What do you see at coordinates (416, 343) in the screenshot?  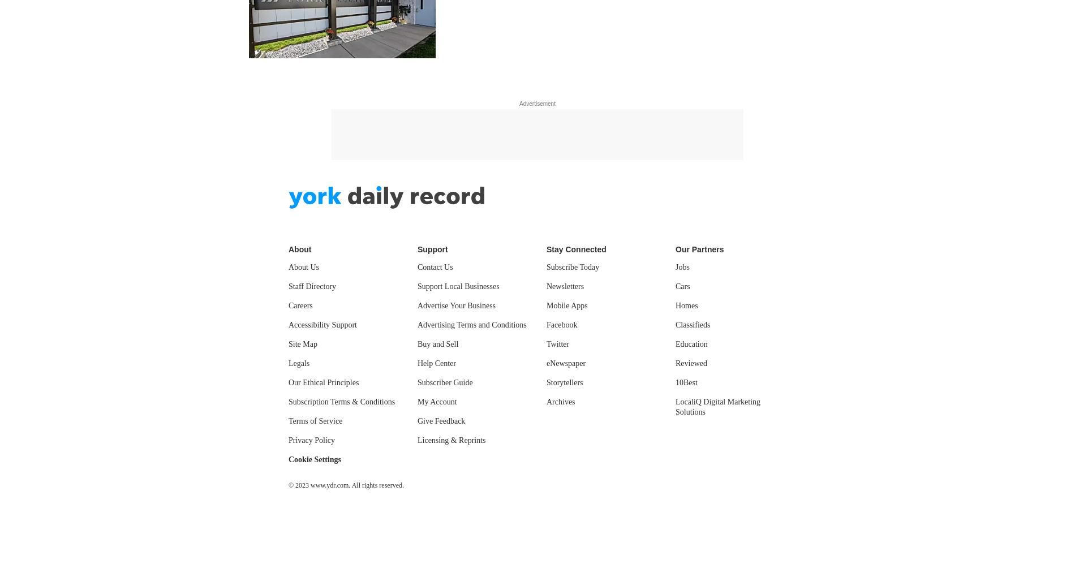 I see `'Buy and Sell'` at bounding box center [416, 343].